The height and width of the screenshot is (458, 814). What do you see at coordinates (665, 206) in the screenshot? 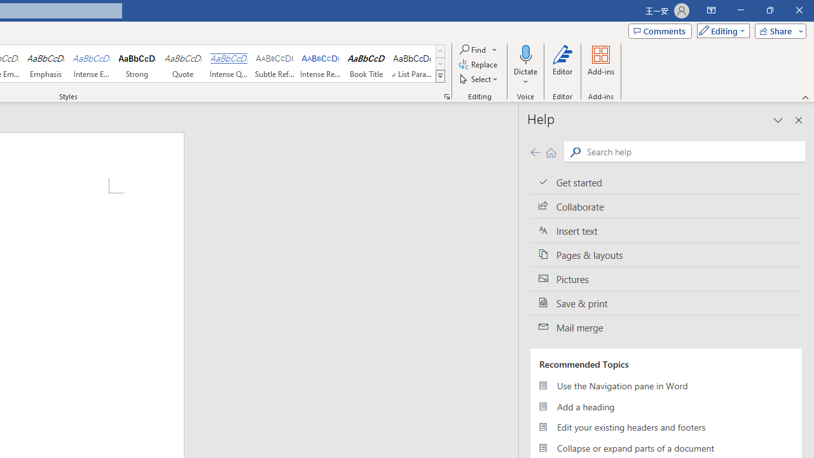
I see `'Collaborate'` at bounding box center [665, 206].